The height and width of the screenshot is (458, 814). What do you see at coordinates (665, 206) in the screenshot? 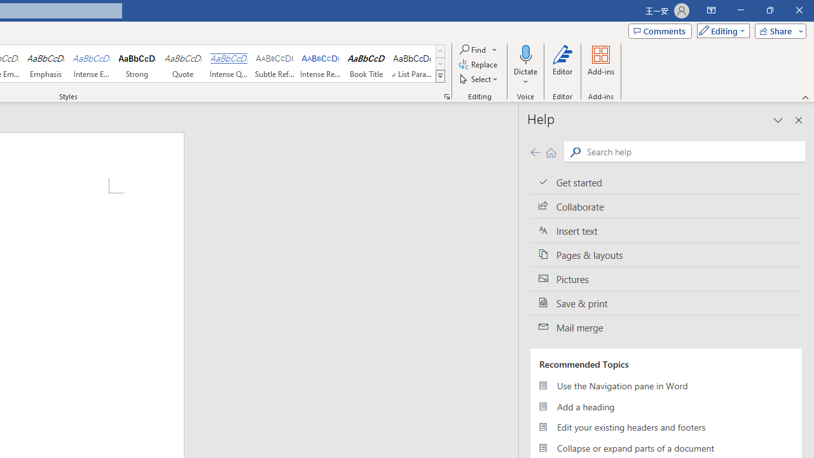
I see `'Collaborate'` at bounding box center [665, 206].